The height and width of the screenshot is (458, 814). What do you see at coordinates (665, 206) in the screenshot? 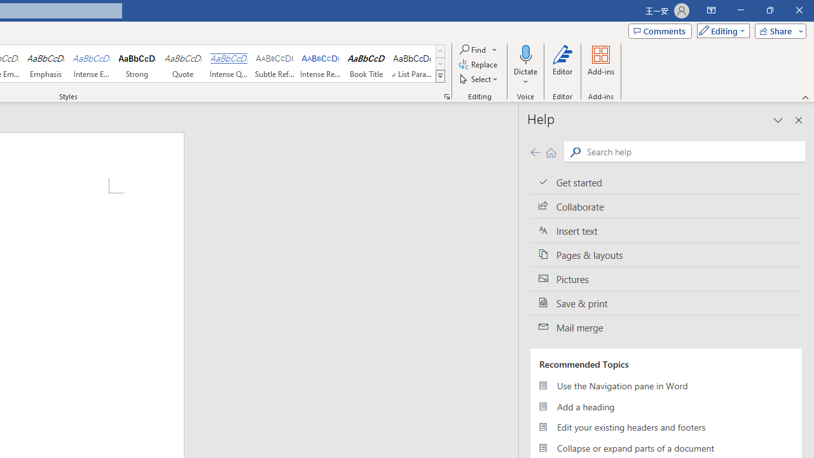
I see `'Collaborate'` at bounding box center [665, 206].